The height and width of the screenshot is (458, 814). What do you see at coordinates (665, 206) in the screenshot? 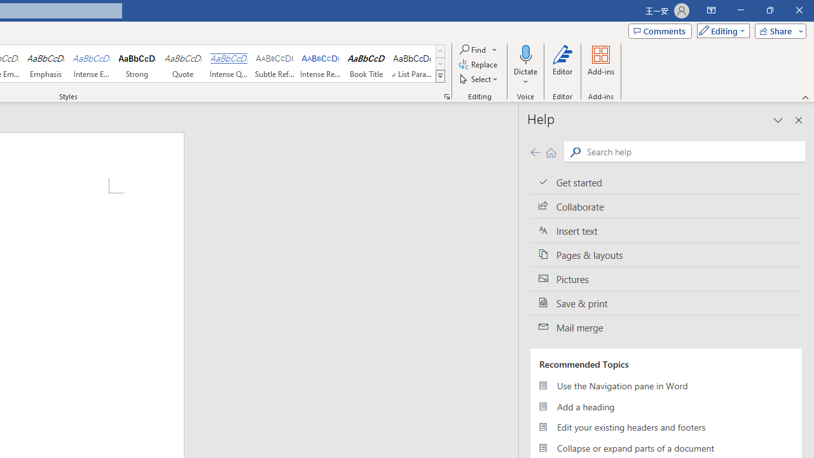
I see `'Collaborate'` at bounding box center [665, 206].